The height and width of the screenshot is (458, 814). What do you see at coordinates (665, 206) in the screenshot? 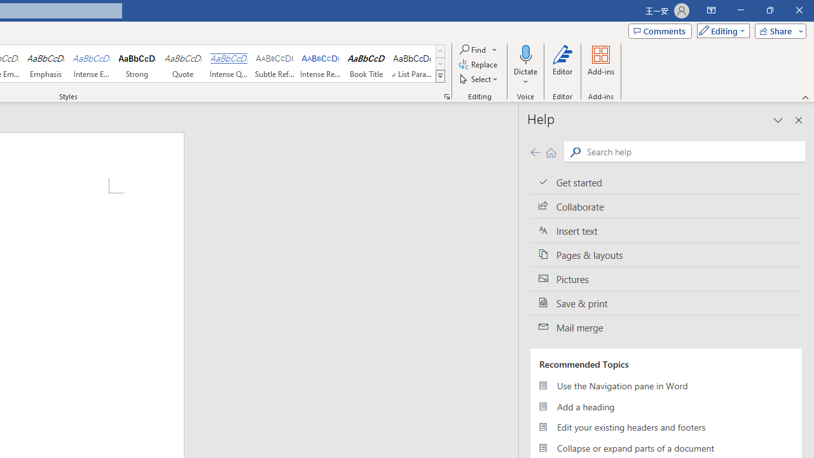
I see `'Collaborate'` at bounding box center [665, 206].